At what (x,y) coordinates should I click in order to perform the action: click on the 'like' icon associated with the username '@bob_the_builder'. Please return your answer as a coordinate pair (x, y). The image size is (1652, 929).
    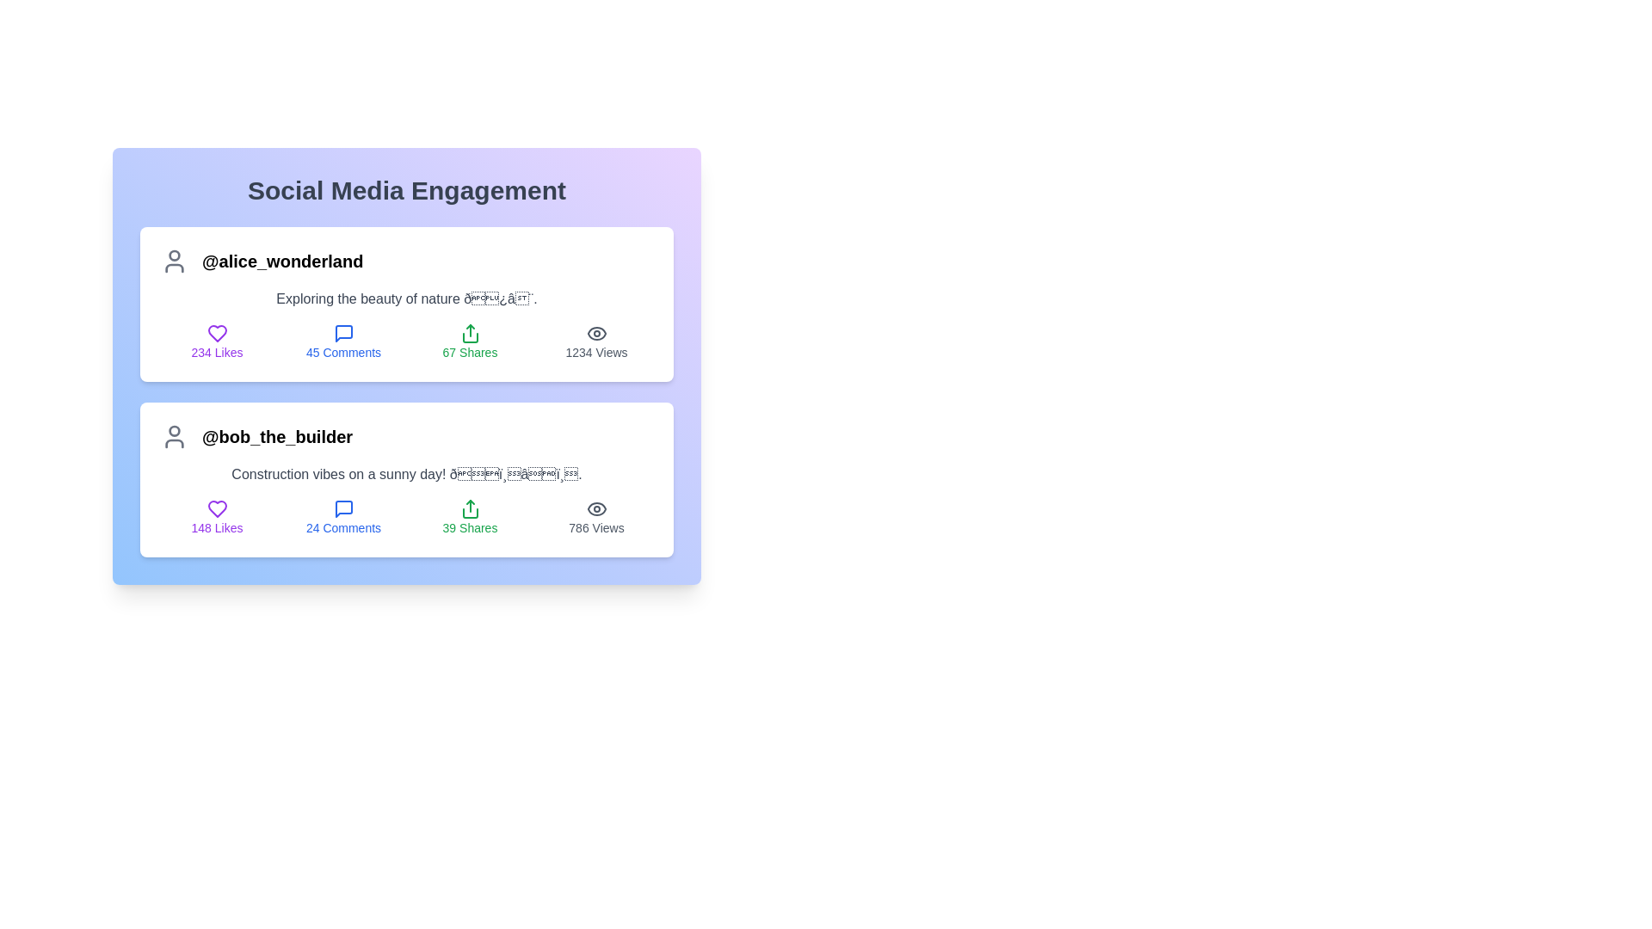
    Looking at the image, I should click on (216, 508).